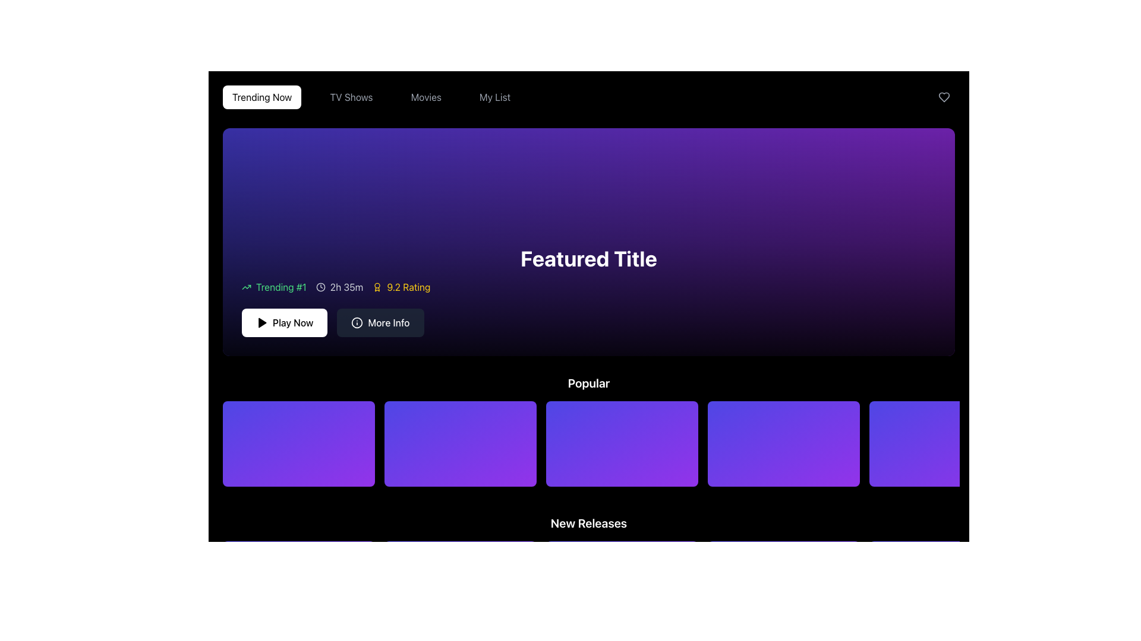 The width and height of the screenshot is (1141, 641). I want to click on the '9.2 Rating' text element with a yellow font and award icon, located between '2h 35m' and 'Play Now' button, so click(401, 287).